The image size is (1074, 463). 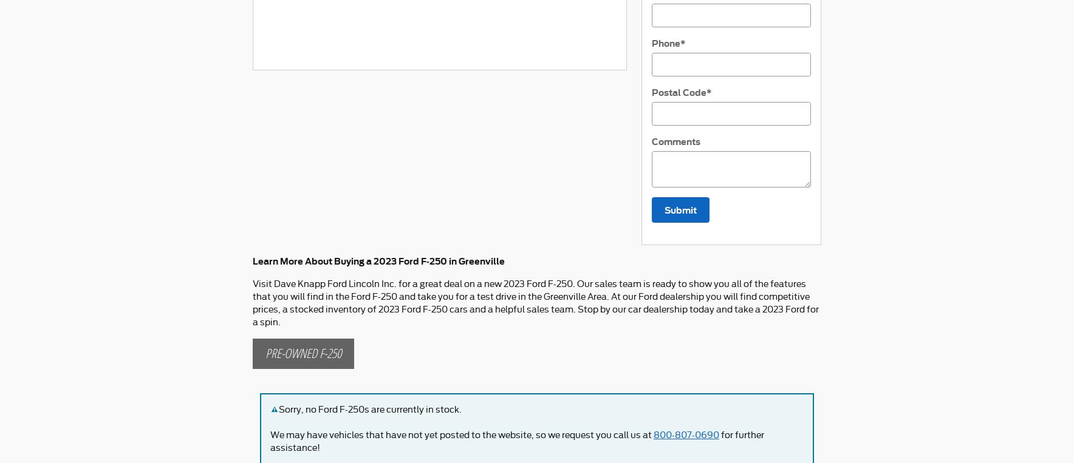 What do you see at coordinates (369, 409) in the screenshot?
I see `'Sorry, no Ford F-250s are currently in stock.'` at bounding box center [369, 409].